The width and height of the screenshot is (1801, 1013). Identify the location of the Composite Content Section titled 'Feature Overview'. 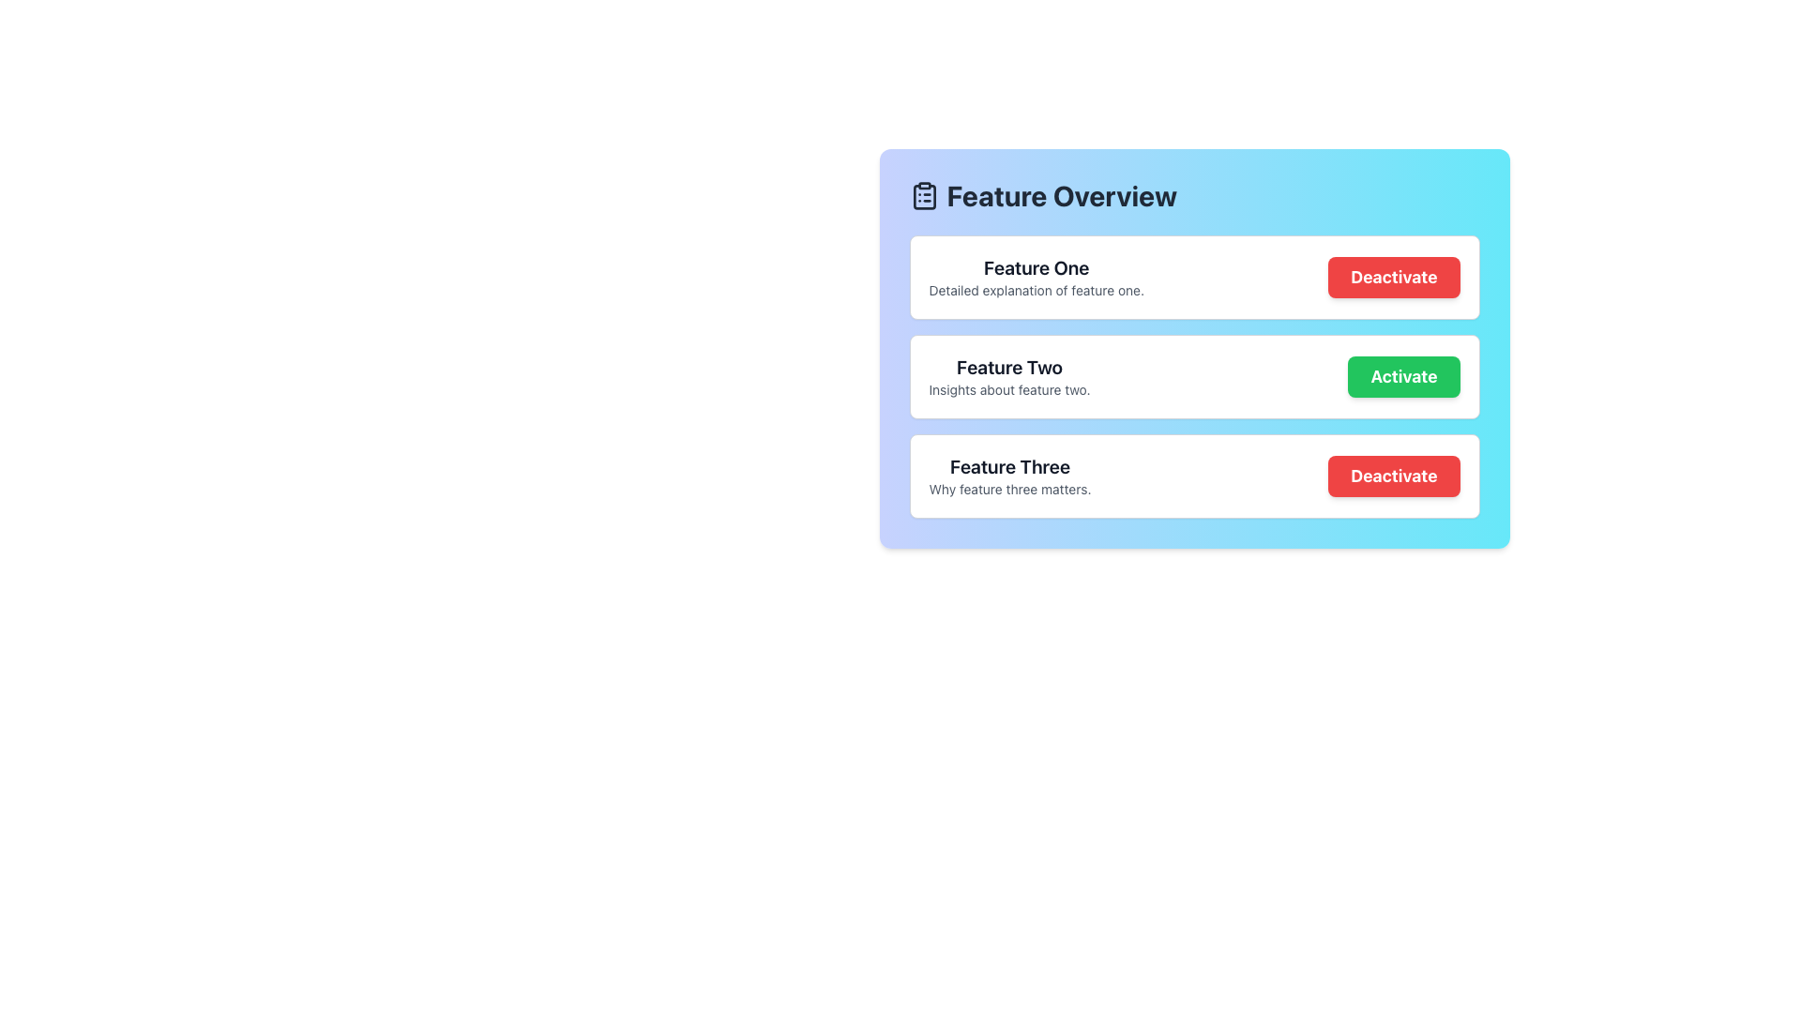
(1193, 348).